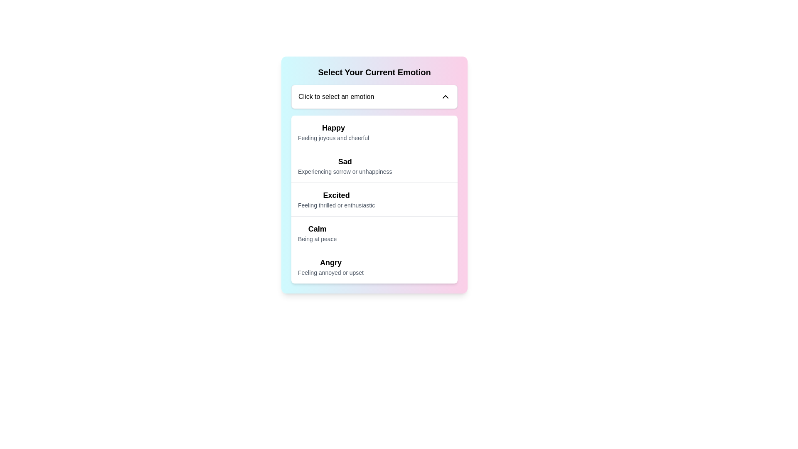  I want to click on the Text Display element titled 'Sad' which describes experiencing sorrow or unhappiness, positioned under the 'Select Your Current Emotion' dropdown, so click(345, 165).